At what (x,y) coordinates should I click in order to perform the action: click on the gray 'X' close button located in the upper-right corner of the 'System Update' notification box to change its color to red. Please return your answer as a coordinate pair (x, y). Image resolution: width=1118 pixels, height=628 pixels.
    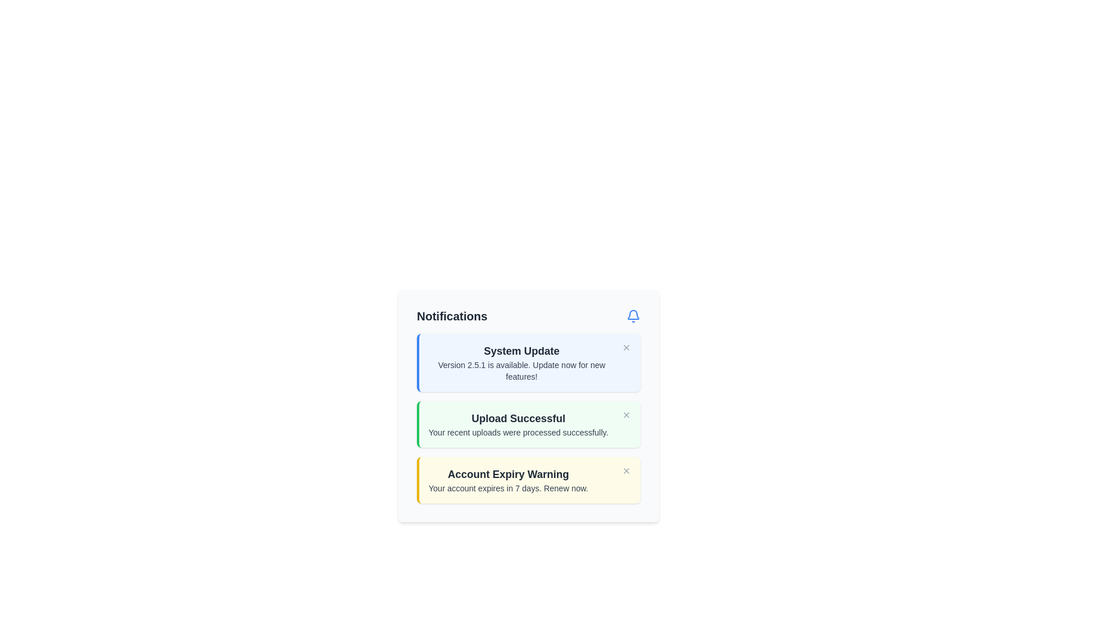
    Looking at the image, I should click on (625, 347).